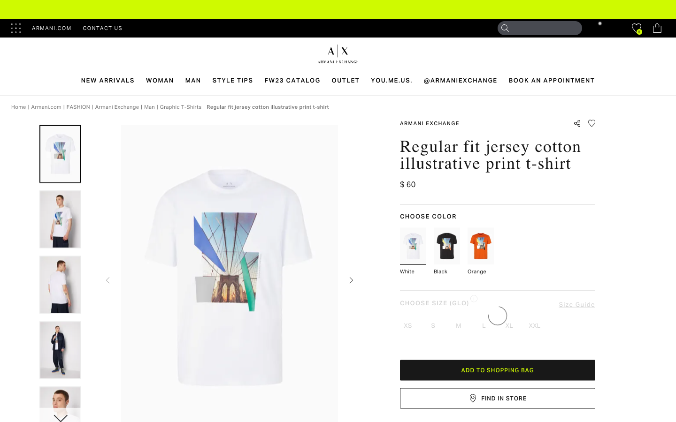  I want to click on View all men’s clothing by moving the cursor to the men’s menu item, tabbing twice to get to view all clothing, then selecting it, so click(278512, 72373).